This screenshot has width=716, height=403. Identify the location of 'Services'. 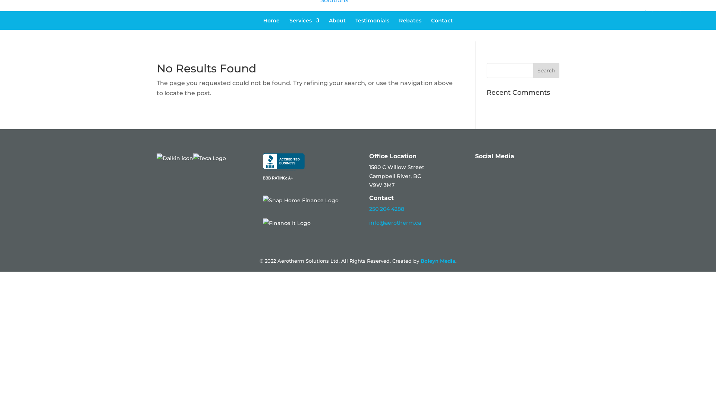
(304, 27).